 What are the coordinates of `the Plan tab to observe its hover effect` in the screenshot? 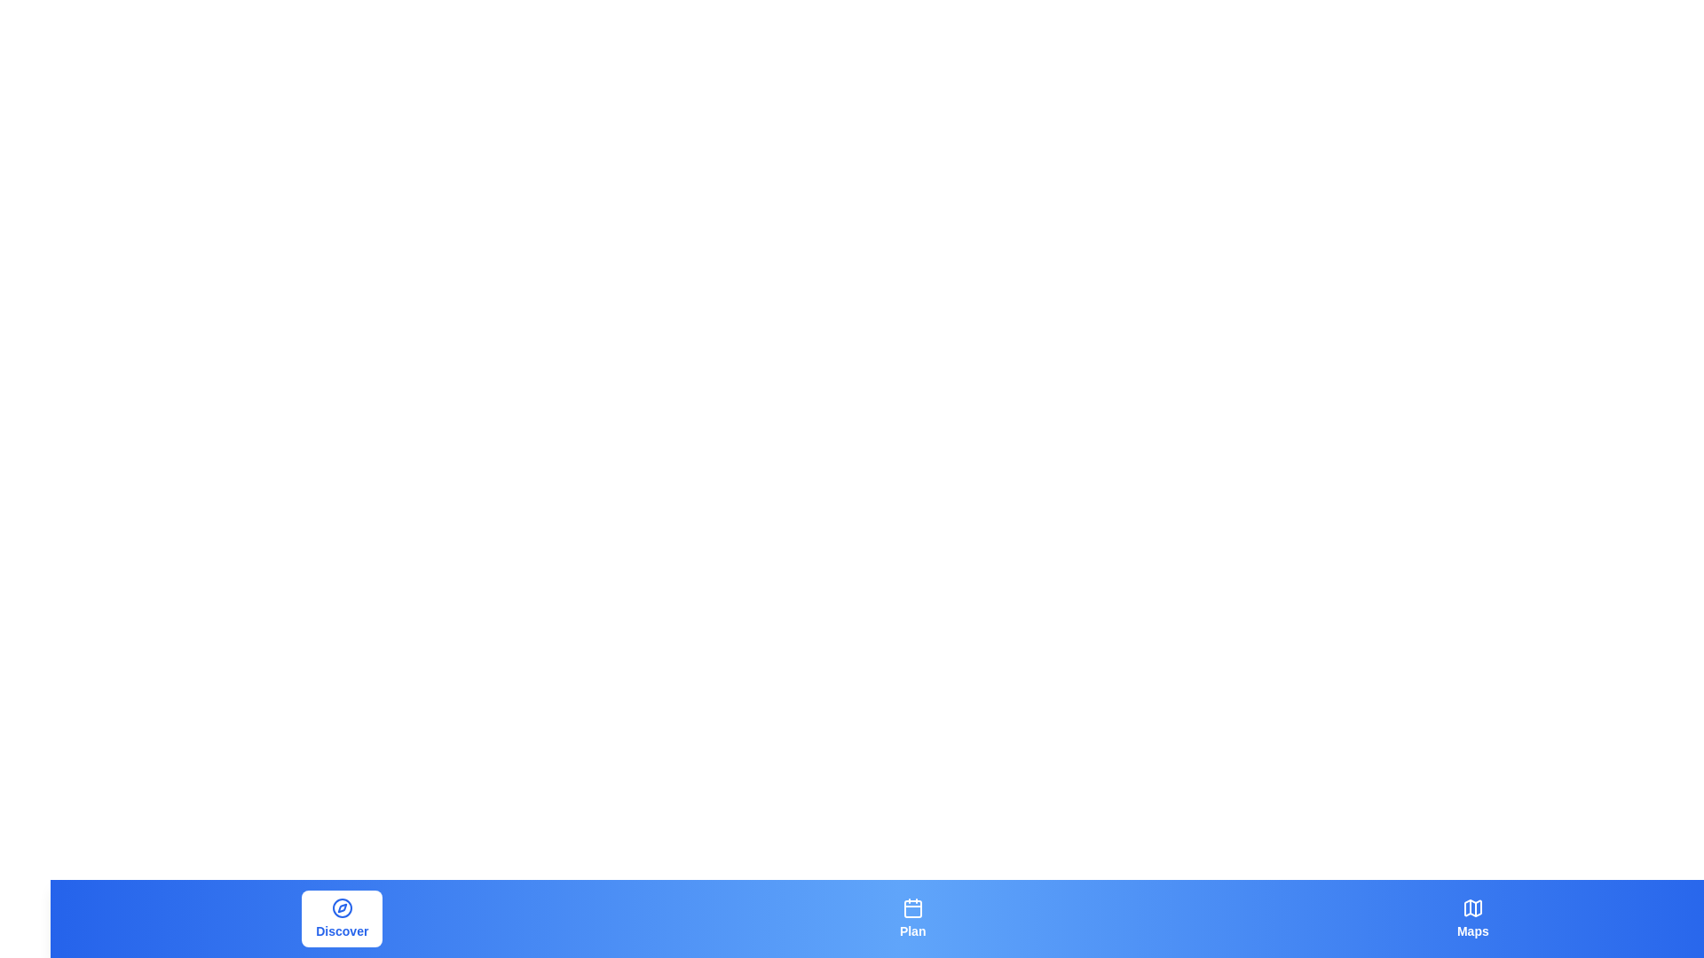 It's located at (912, 918).